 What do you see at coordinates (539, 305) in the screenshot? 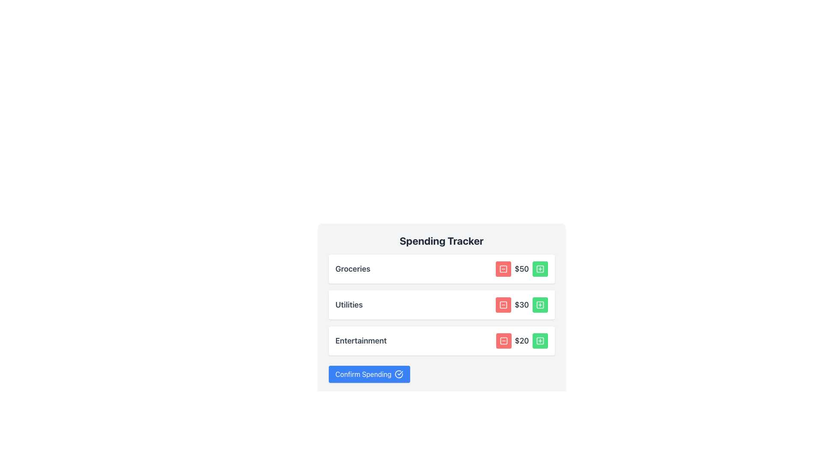
I see `the rightmost green icon in the middle row labeled 'Utilities'` at bounding box center [539, 305].